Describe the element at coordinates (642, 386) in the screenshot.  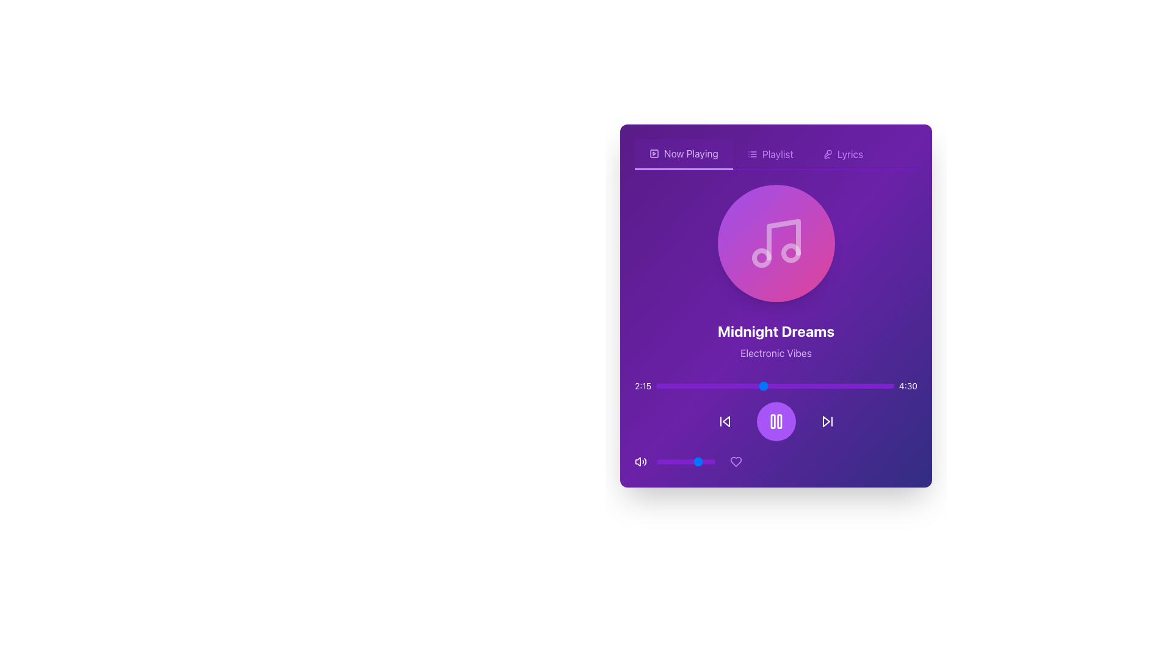
I see `the static text display element showing '2:15', which is styled against a purple background and is located to the left of a progress bar` at that location.